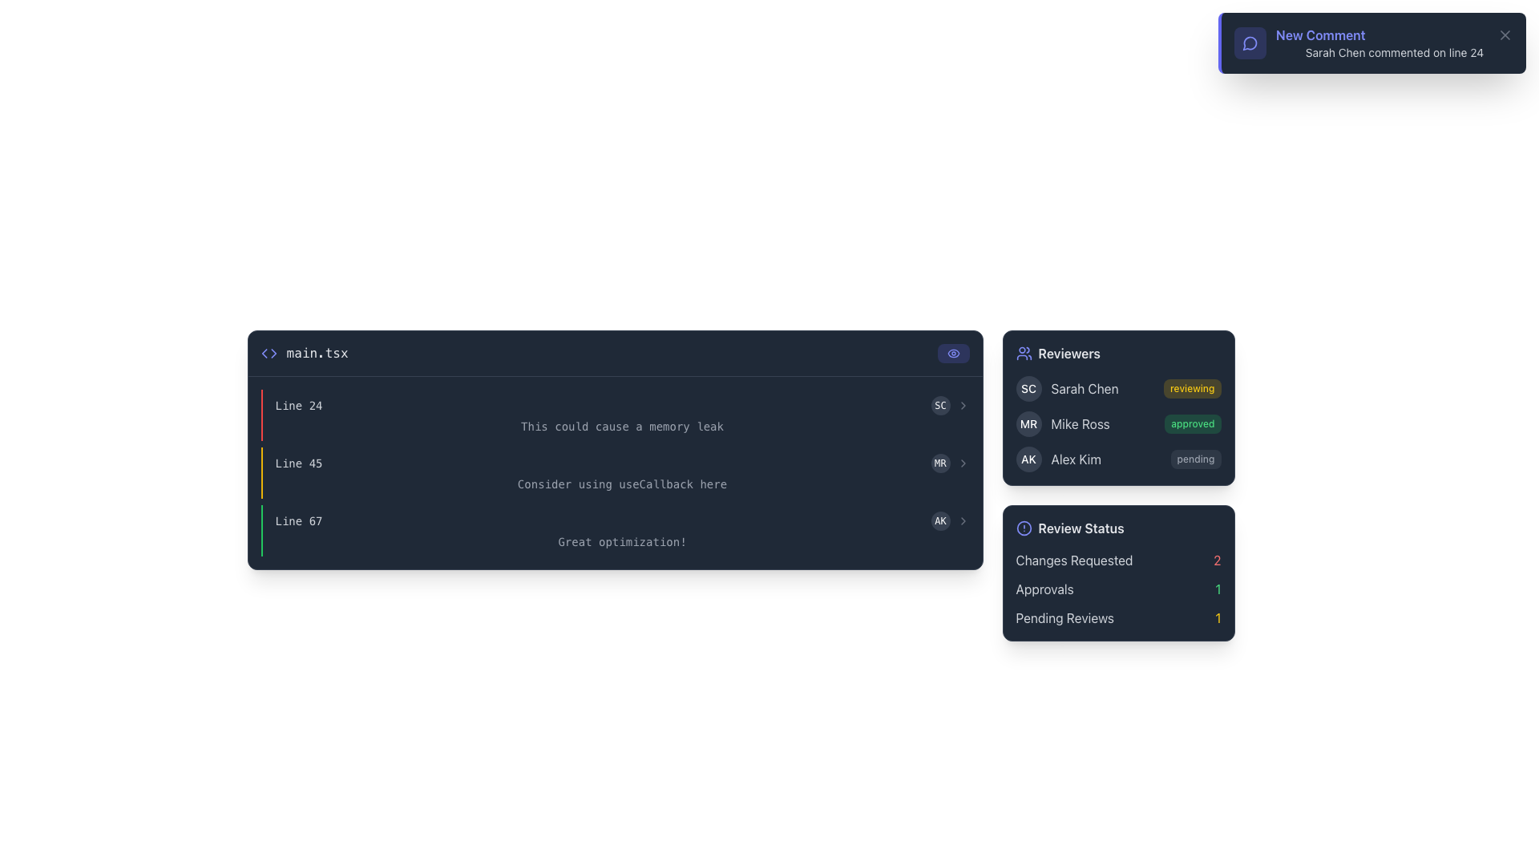 This screenshot has width=1539, height=866. What do you see at coordinates (953, 352) in the screenshot?
I see `the eye icon button, which is a small circular button with a blueish hue` at bounding box center [953, 352].